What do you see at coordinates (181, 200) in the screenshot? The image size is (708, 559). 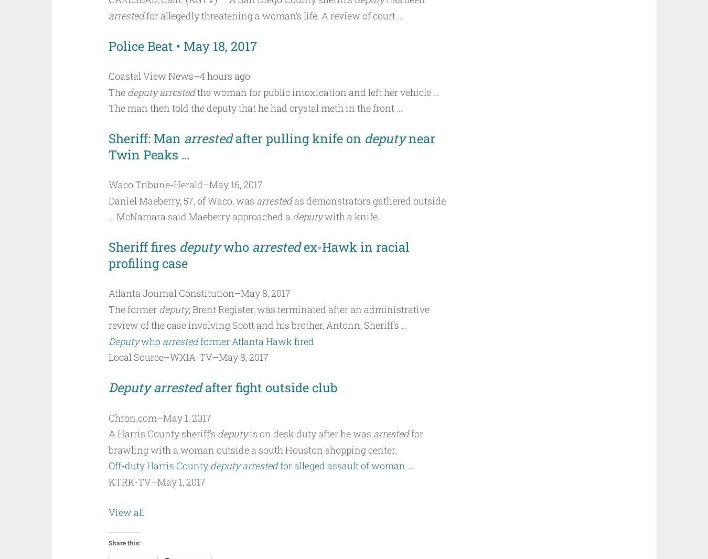 I see `'Daniel Maeberry, 57, of Waco, was'` at bounding box center [181, 200].